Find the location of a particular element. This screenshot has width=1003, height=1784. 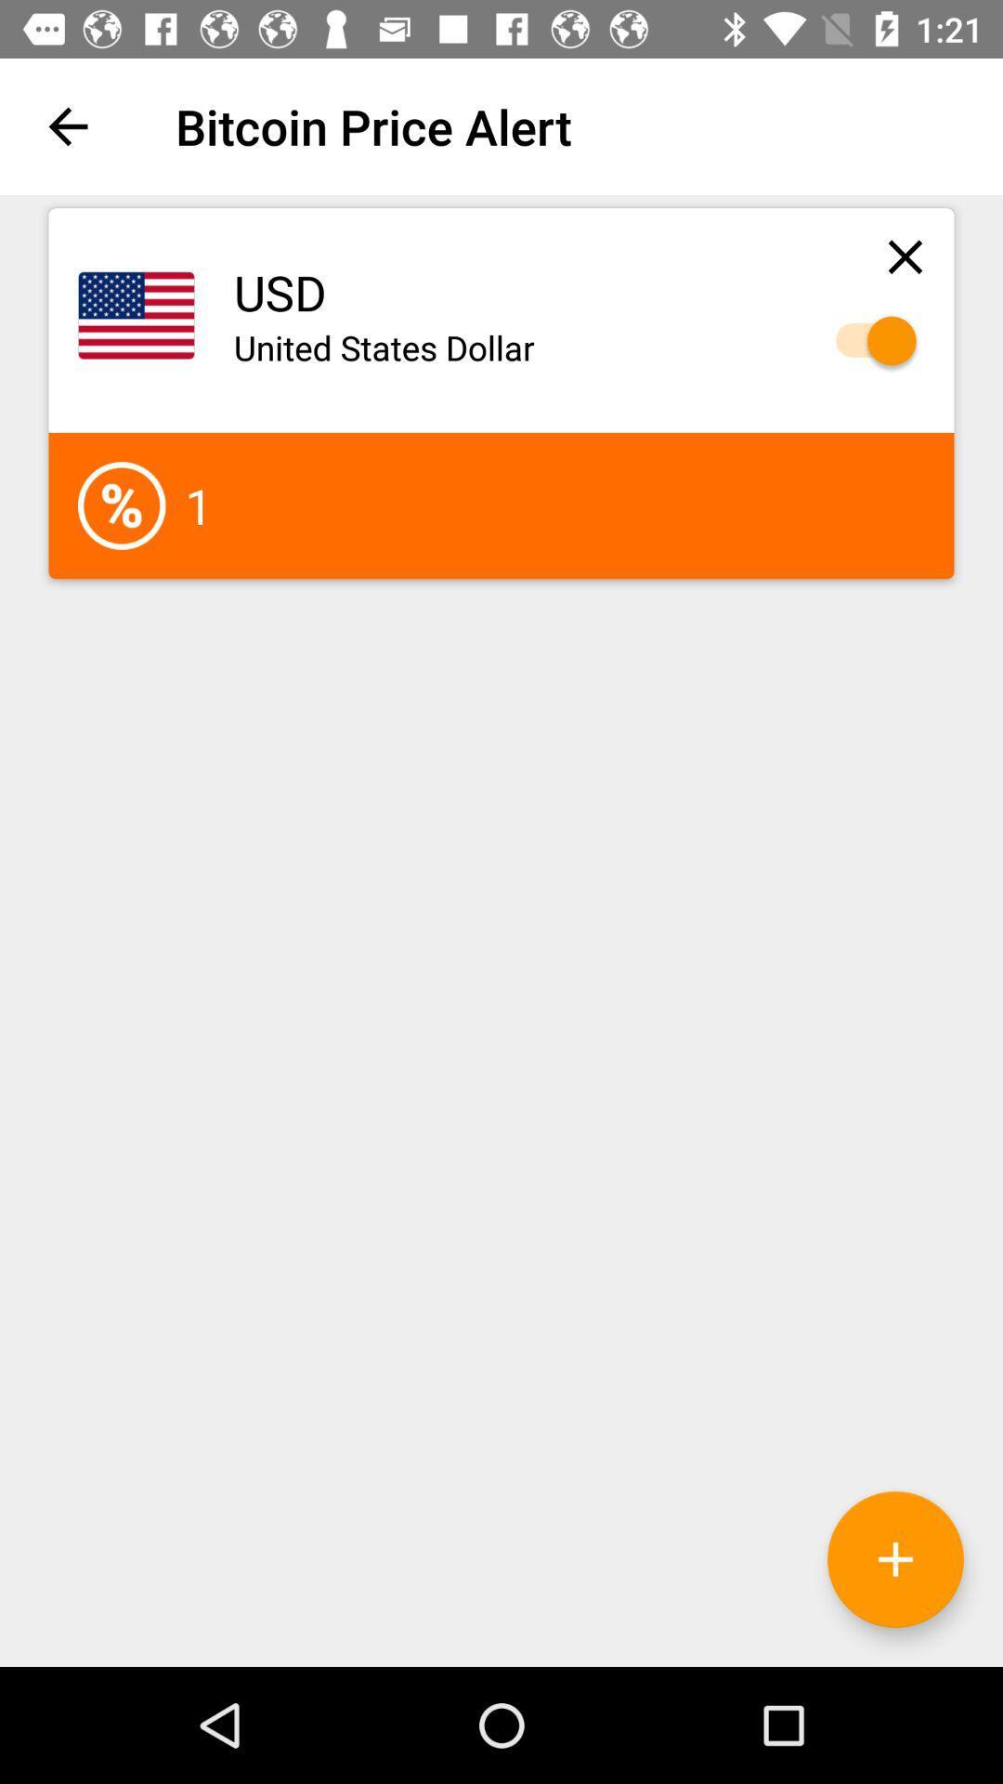

the item next to usd is located at coordinates (905, 256).